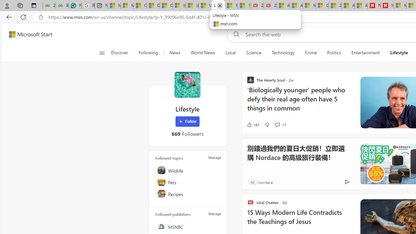 This screenshot has width=416, height=234. What do you see at coordinates (299, 220) in the screenshot?
I see `'15 Ways Modern Life Contradicts the Teachings of Jesus'` at bounding box center [299, 220].